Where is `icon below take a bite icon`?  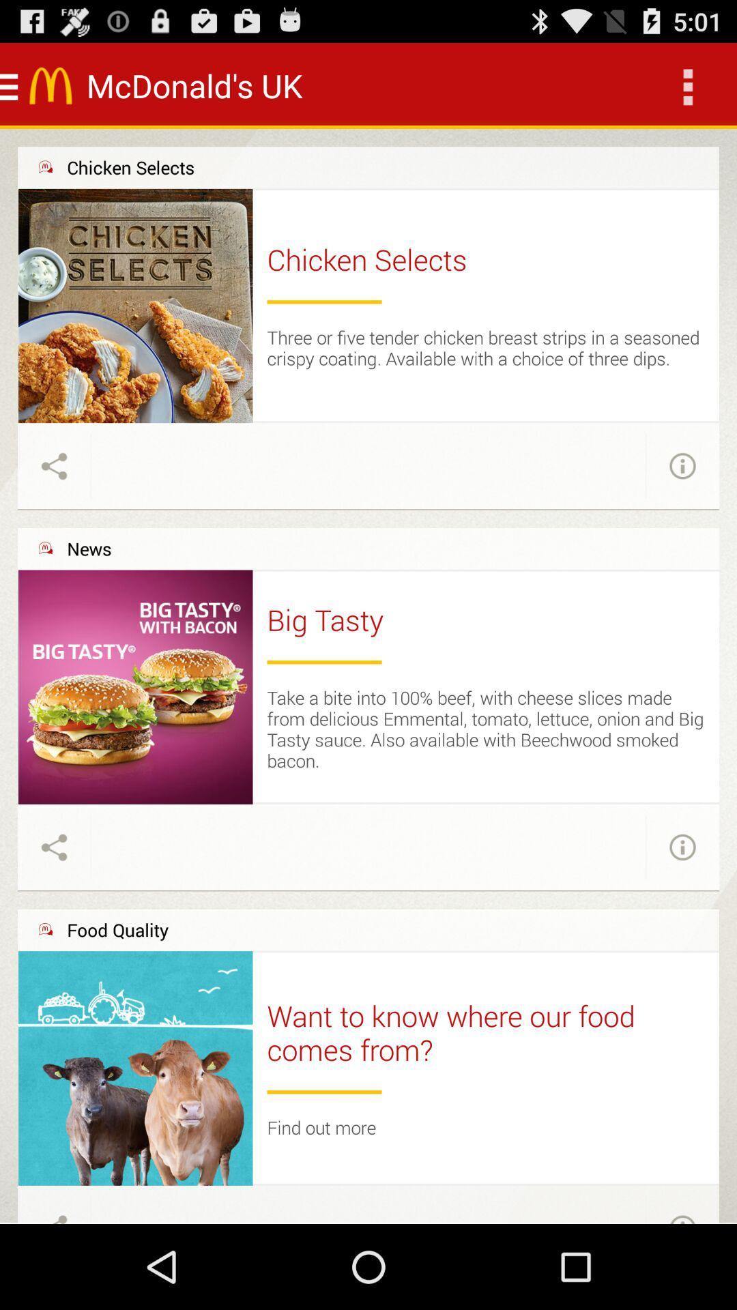 icon below take a bite icon is located at coordinates (485, 803).